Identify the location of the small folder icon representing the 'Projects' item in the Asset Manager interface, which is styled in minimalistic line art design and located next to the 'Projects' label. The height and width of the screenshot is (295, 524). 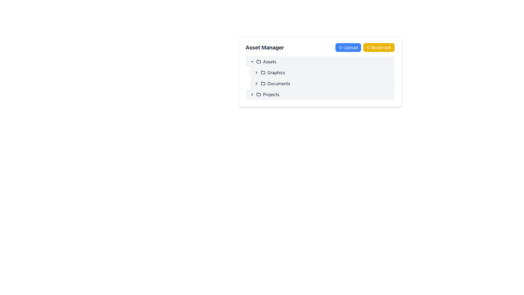
(258, 94).